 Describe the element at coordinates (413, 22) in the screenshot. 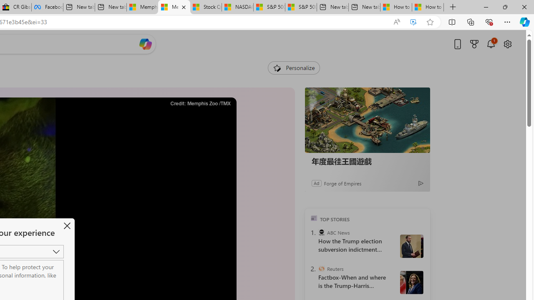

I see `'Enhance video'` at that location.